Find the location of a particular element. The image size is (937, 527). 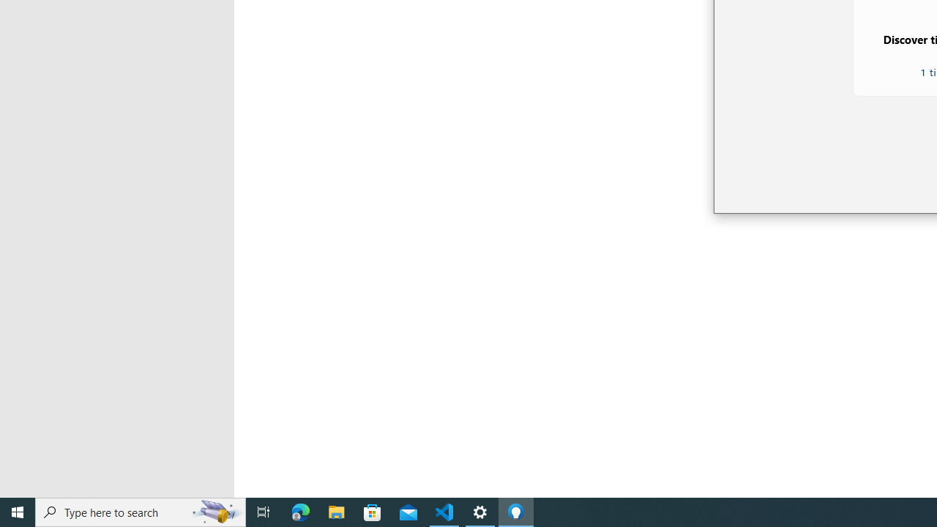

'Search highlights icon opens search home window' is located at coordinates (215, 511).